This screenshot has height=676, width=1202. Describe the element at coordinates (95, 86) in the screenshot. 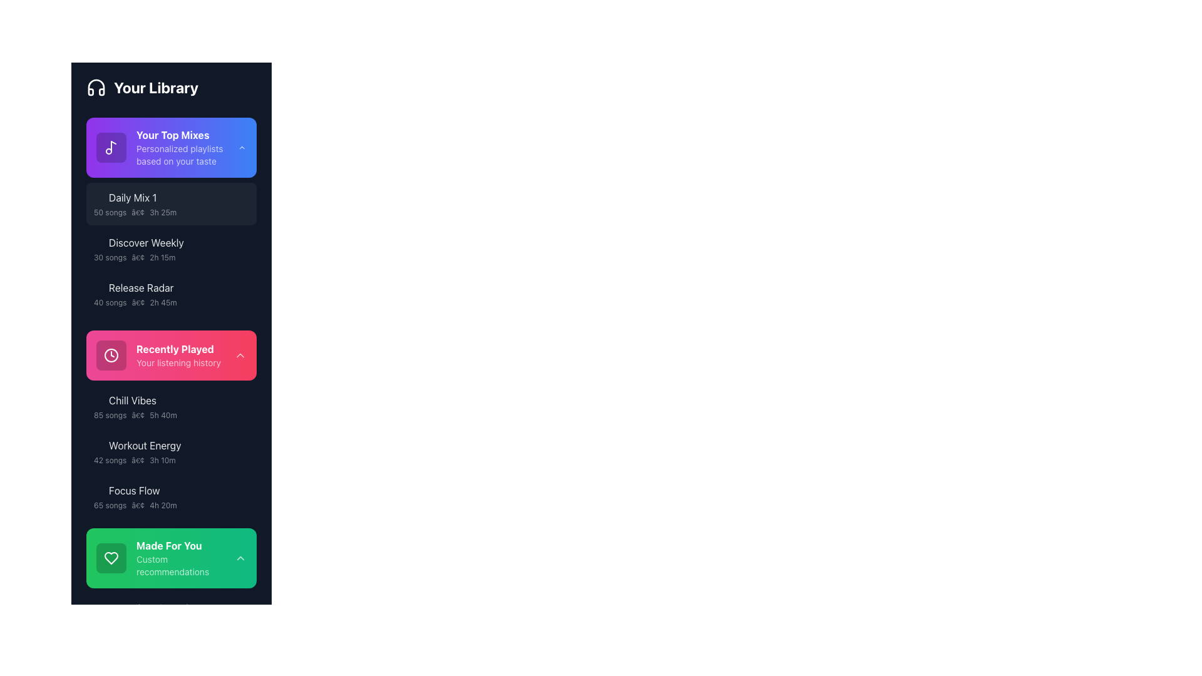

I see `the white headphone icon located on the leftmost side of the header section titled 'Your Library', which is situated directly to the left of the bold text 'Your Library'` at that location.